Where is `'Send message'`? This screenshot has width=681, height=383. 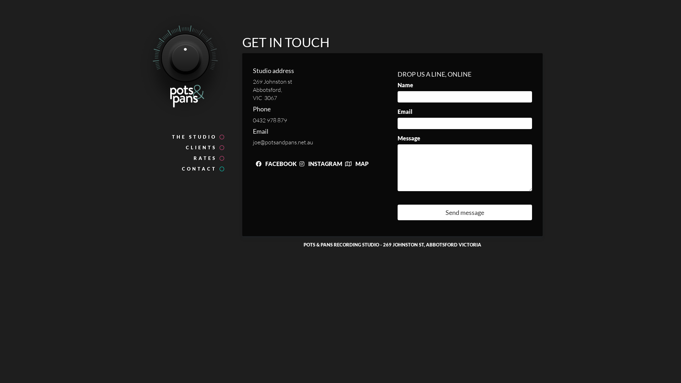 'Send message' is located at coordinates (465, 212).